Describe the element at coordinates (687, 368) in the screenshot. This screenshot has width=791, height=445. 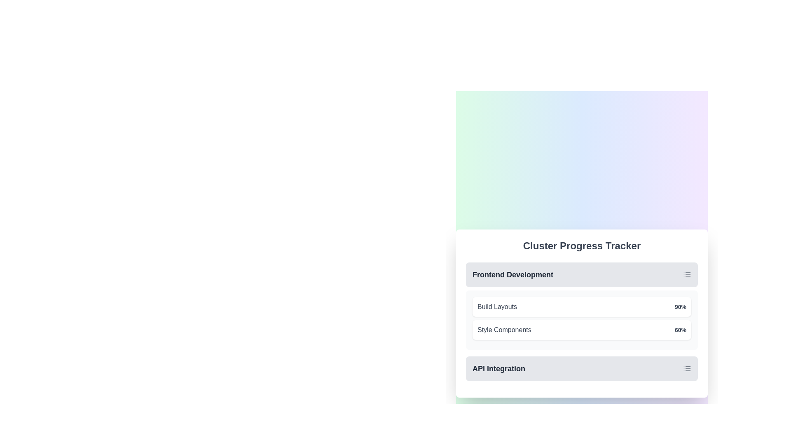
I see `the icon representing the menu for the 'API Integration' section` at that location.